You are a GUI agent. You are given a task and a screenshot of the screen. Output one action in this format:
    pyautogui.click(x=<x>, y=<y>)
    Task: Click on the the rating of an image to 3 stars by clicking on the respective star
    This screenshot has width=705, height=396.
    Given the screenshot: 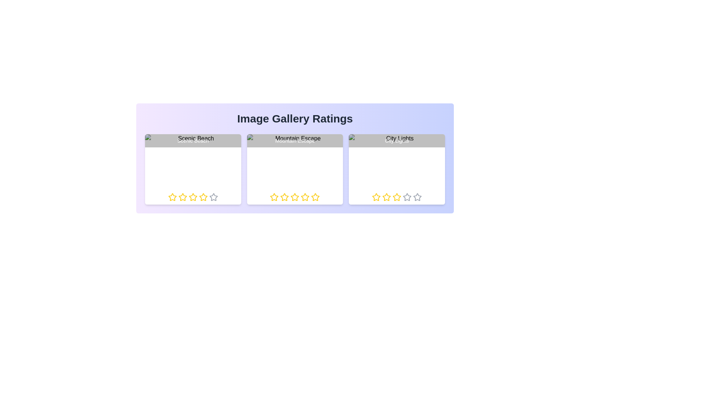 What is the action you would take?
    pyautogui.click(x=193, y=197)
    